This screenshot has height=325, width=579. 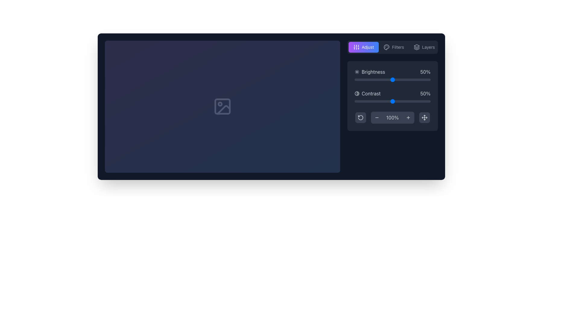 What do you see at coordinates (398, 47) in the screenshot?
I see `the Text Label located in the top-right section of the interface, adjacent to the palette icon` at bounding box center [398, 47].